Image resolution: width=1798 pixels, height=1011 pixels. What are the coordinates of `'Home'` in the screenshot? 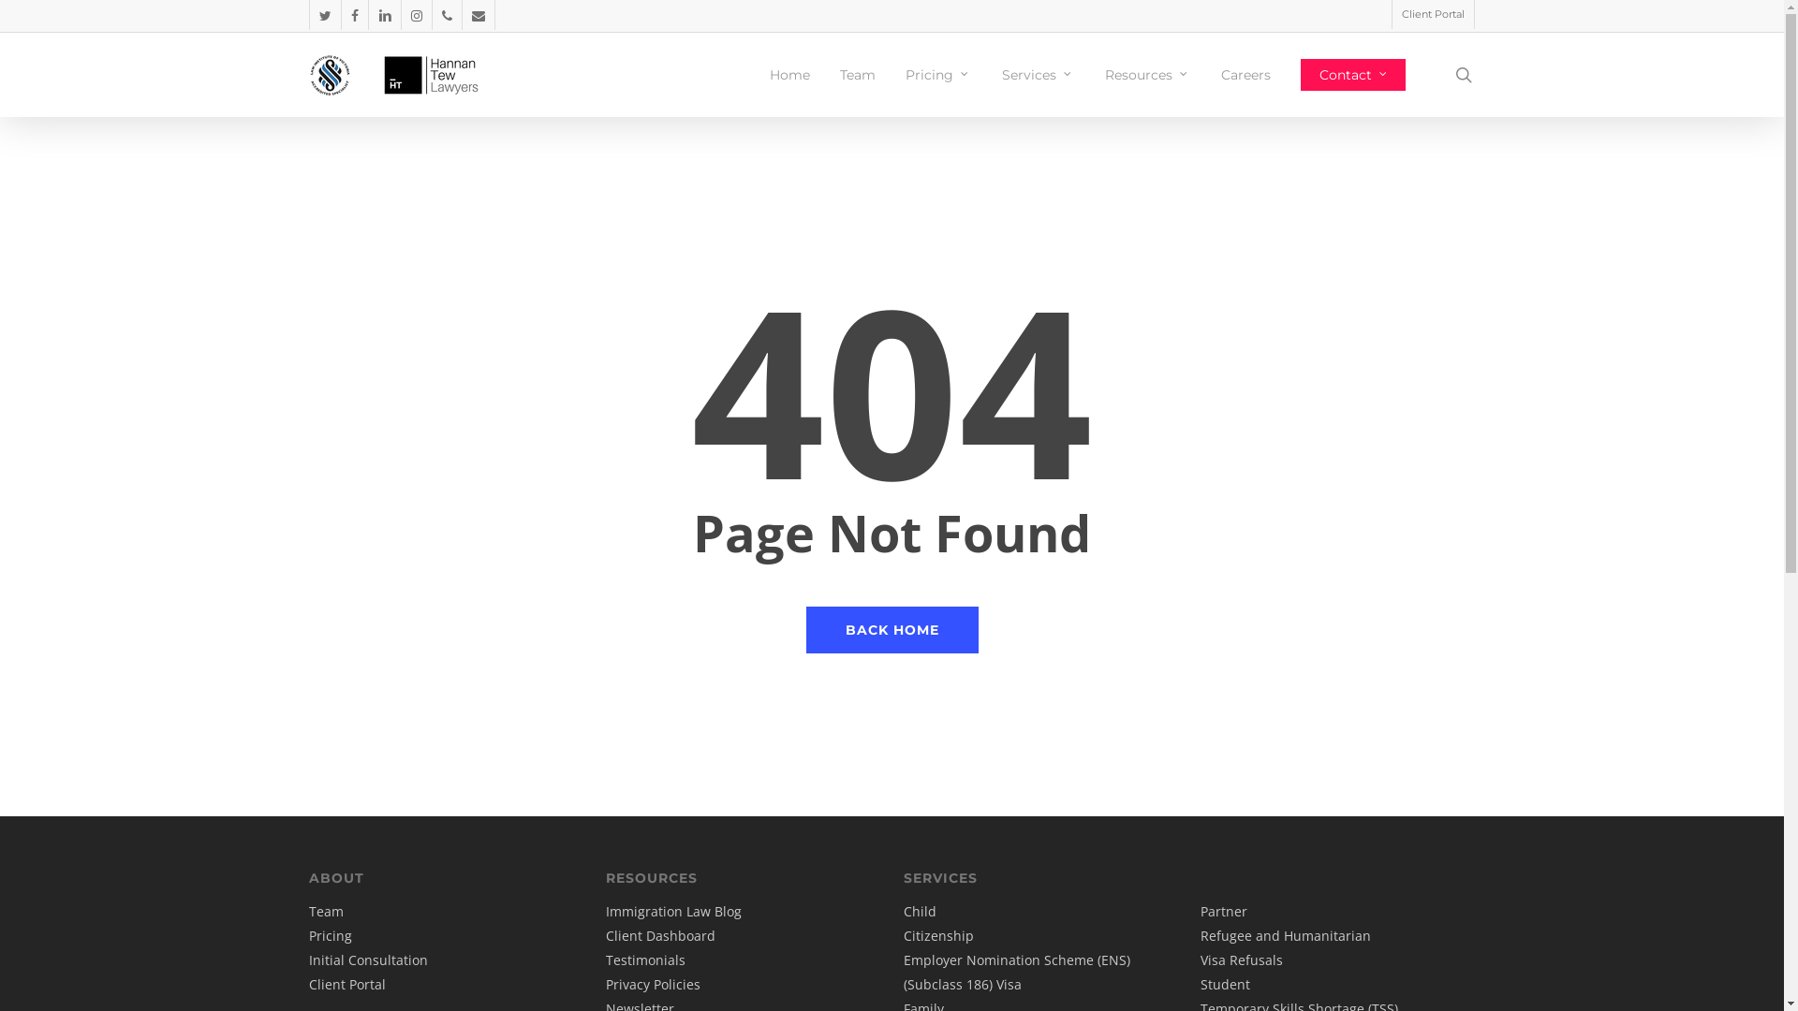 It's located at (789, 74).